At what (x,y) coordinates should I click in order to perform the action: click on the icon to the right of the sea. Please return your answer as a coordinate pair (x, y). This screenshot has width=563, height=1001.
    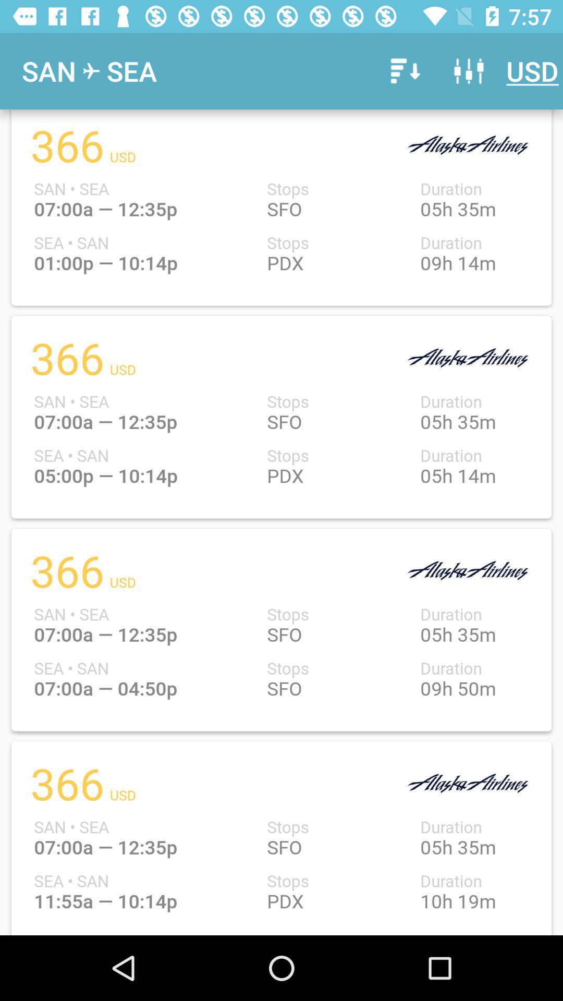
    Looking at the image, I should click on (403, 70).